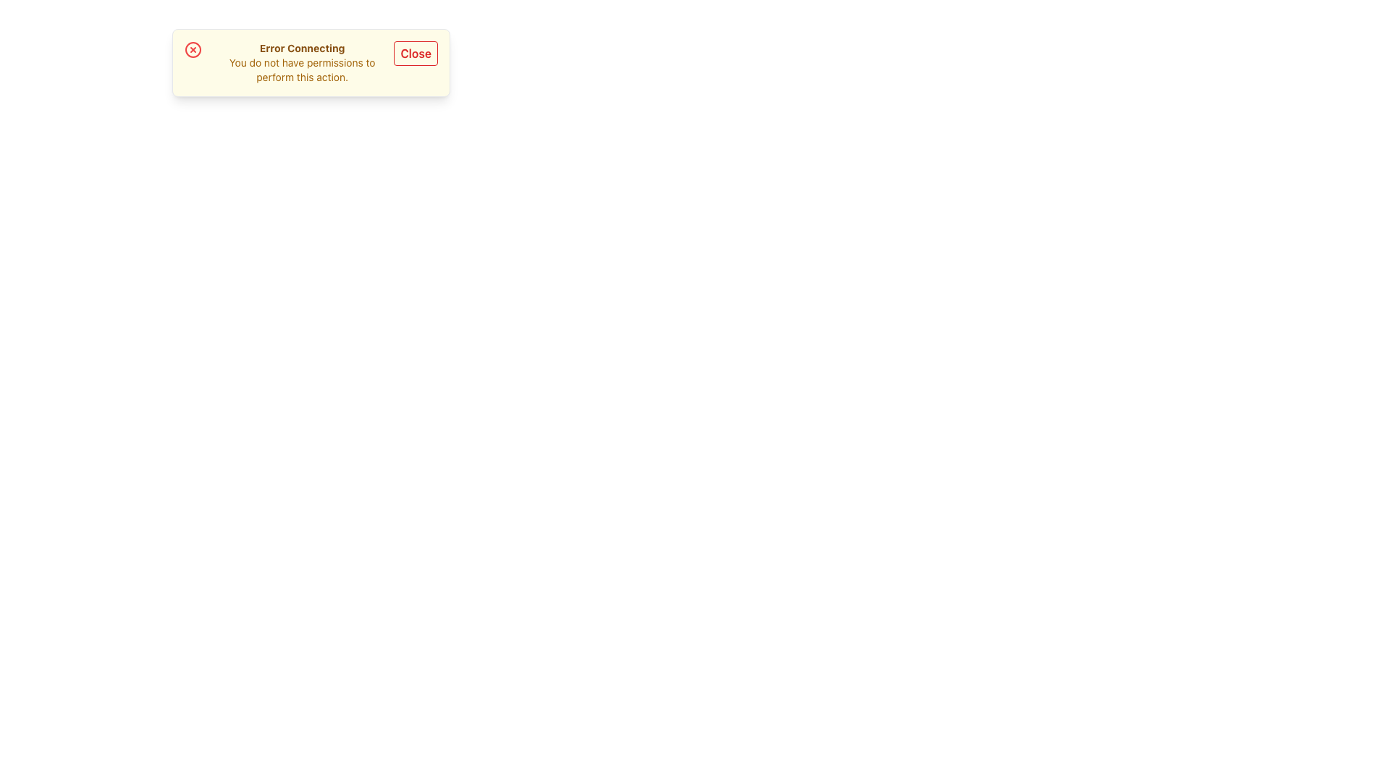  Describe the element at coordinates (301, 47) in the screenshot. I see `text content of the error connectivity title label located at the top of the alert box, indicating the issue with permissions` at that location.